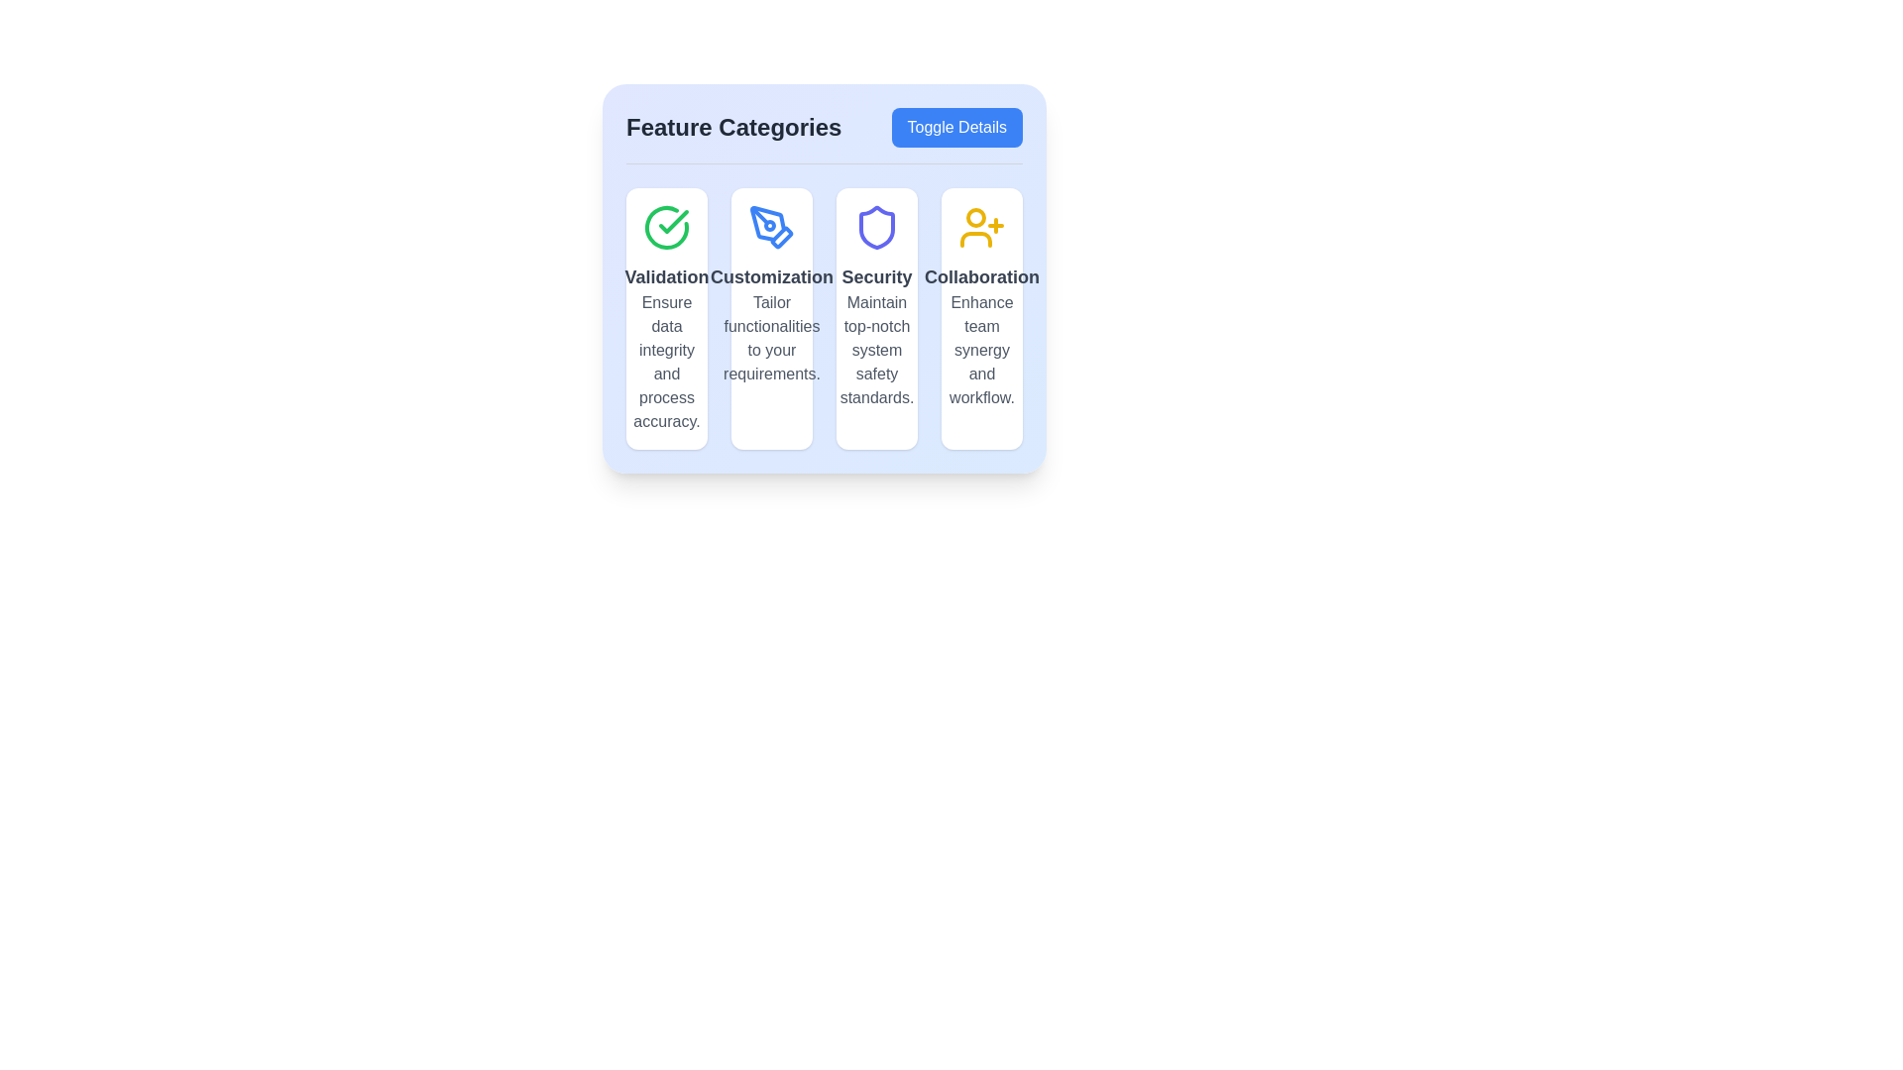  I want to click on the 'Security' text label, which is styled in bold, medium-large dark gray font and positioned under a shield icon within a feature card, so click(875, 277).